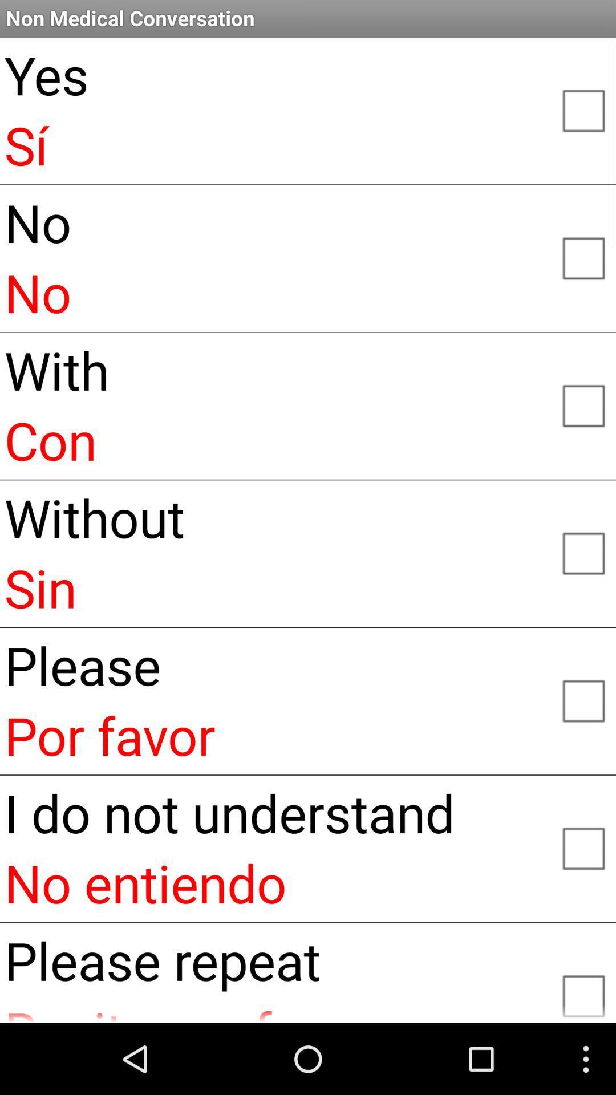 The width and height of the screenshot is (616, 1095). Describe the element at coordinates (583, 699) in the screenshot. I see `its a box that helps translate please` at that location.